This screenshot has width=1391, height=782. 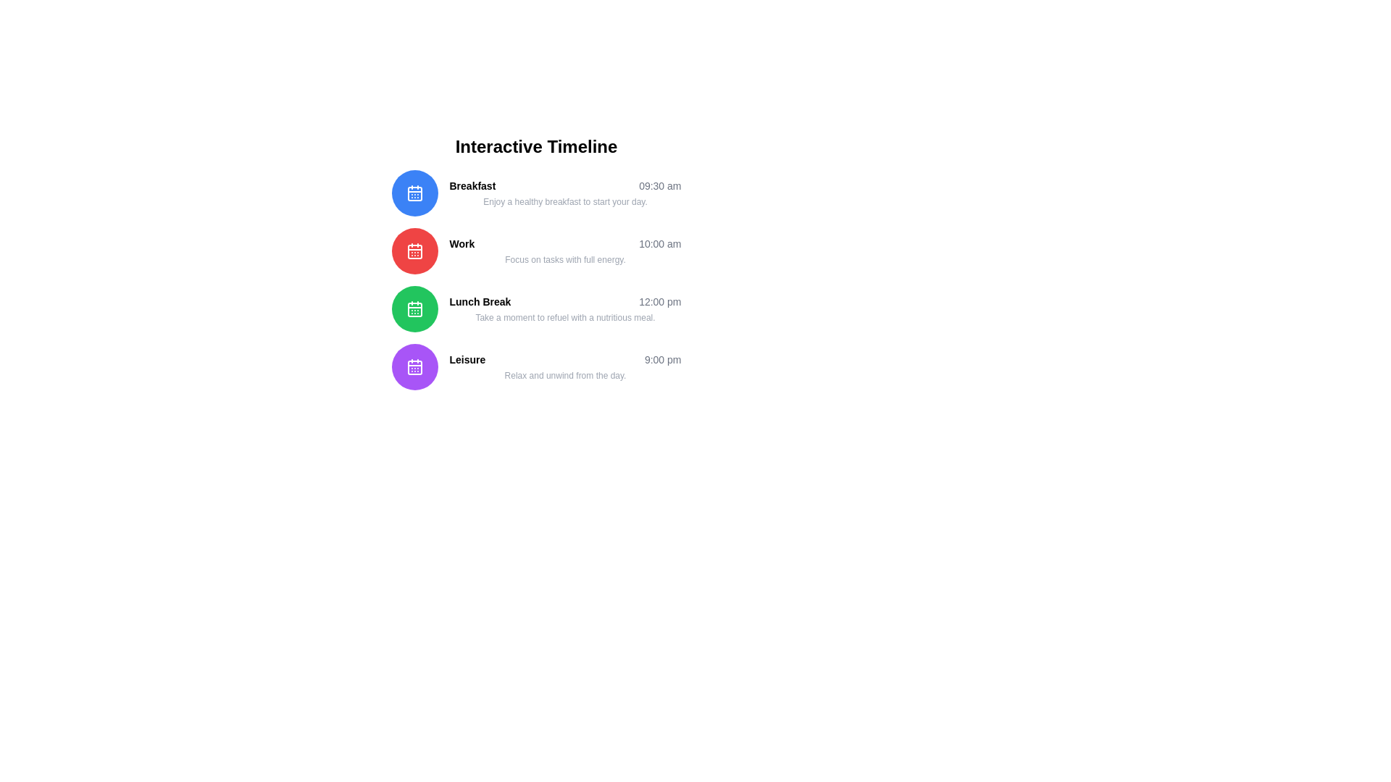 I want to click on the third circular icon in the vertical list that represents the 'Lunch Break' event, so click(x=414, y=308).